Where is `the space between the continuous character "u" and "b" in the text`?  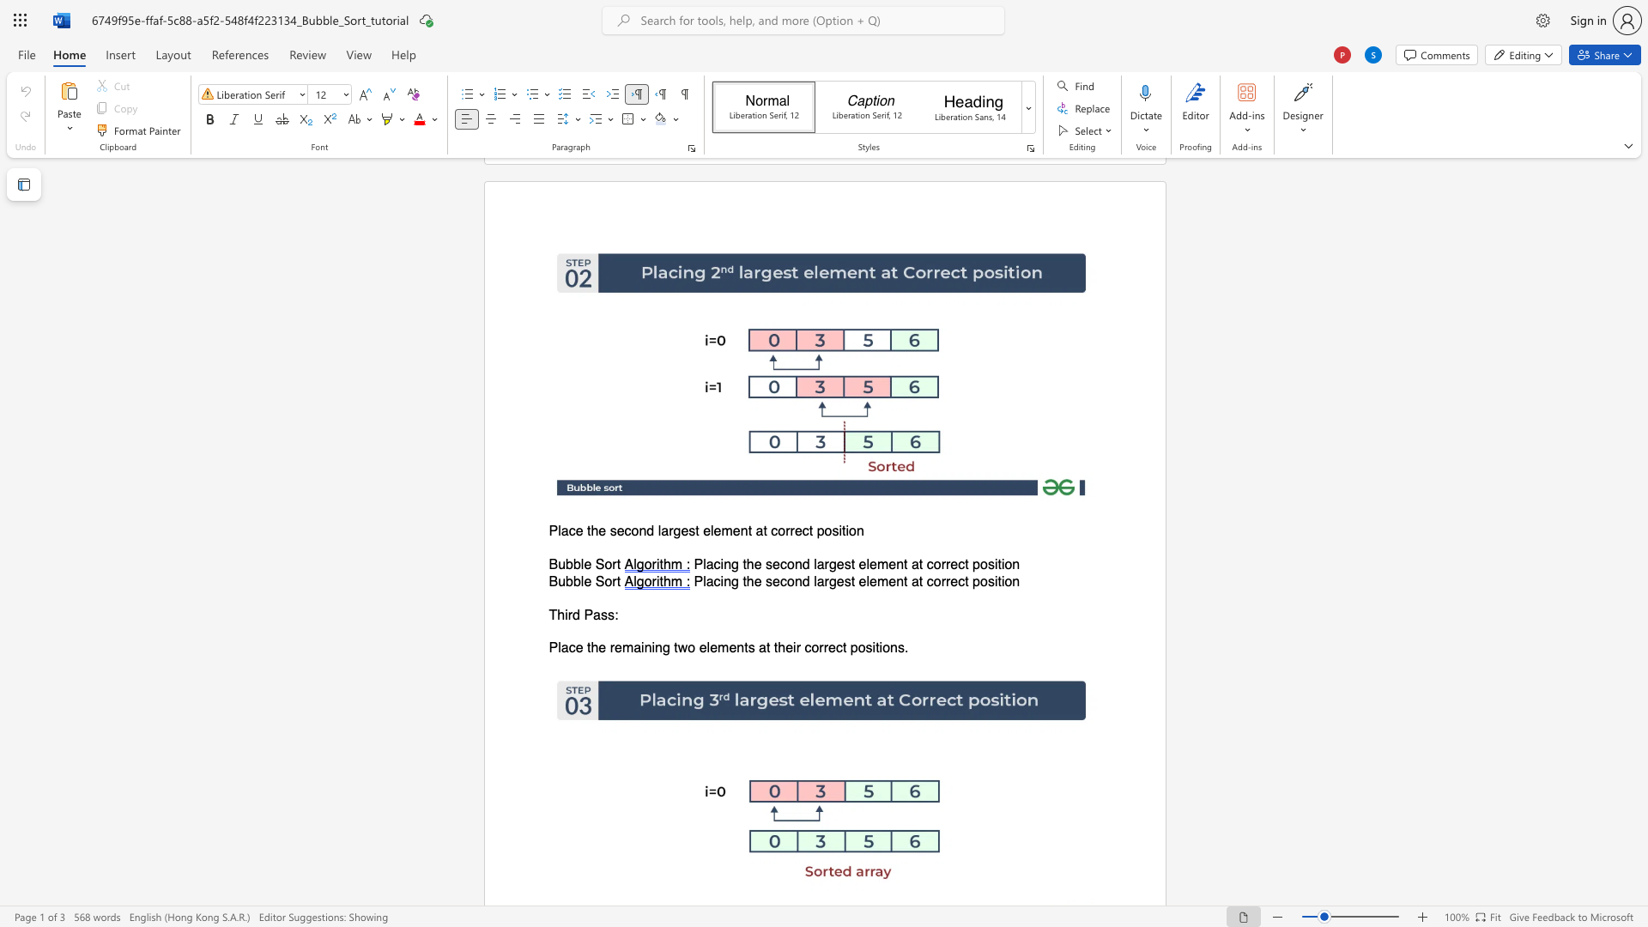
the space between the continuous character "u" and "b" in the text is located at coordinates (566, 580).